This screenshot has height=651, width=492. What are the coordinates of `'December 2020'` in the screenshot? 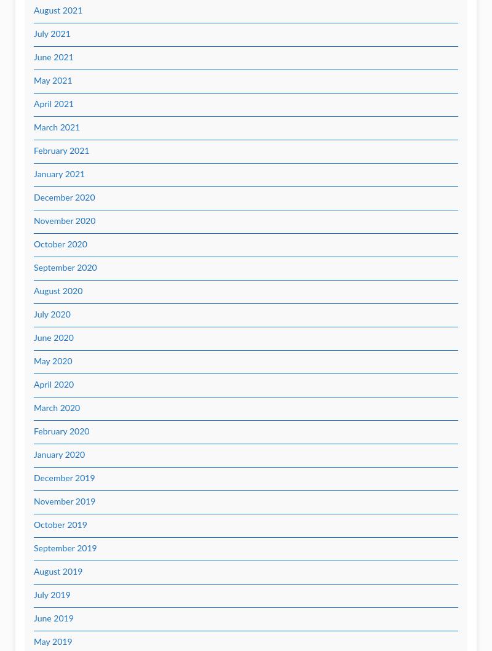 It's located at (33, 197).